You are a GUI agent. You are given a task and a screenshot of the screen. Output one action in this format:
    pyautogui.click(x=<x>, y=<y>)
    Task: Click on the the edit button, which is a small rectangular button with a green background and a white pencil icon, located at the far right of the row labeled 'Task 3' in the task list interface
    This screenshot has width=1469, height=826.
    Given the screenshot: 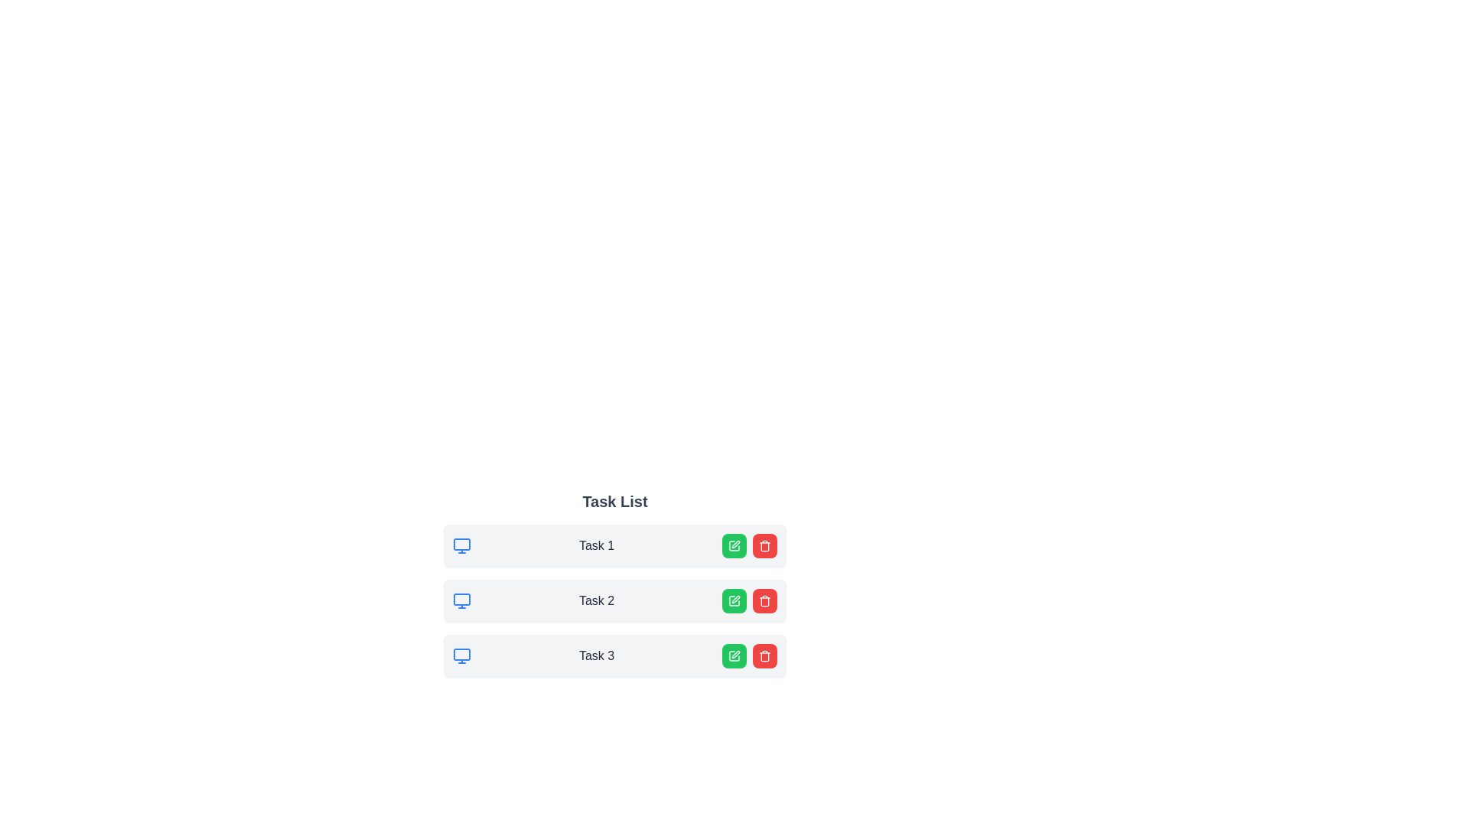 What is the action you would take?
    pyautogui.click(x=734, y=655)
    